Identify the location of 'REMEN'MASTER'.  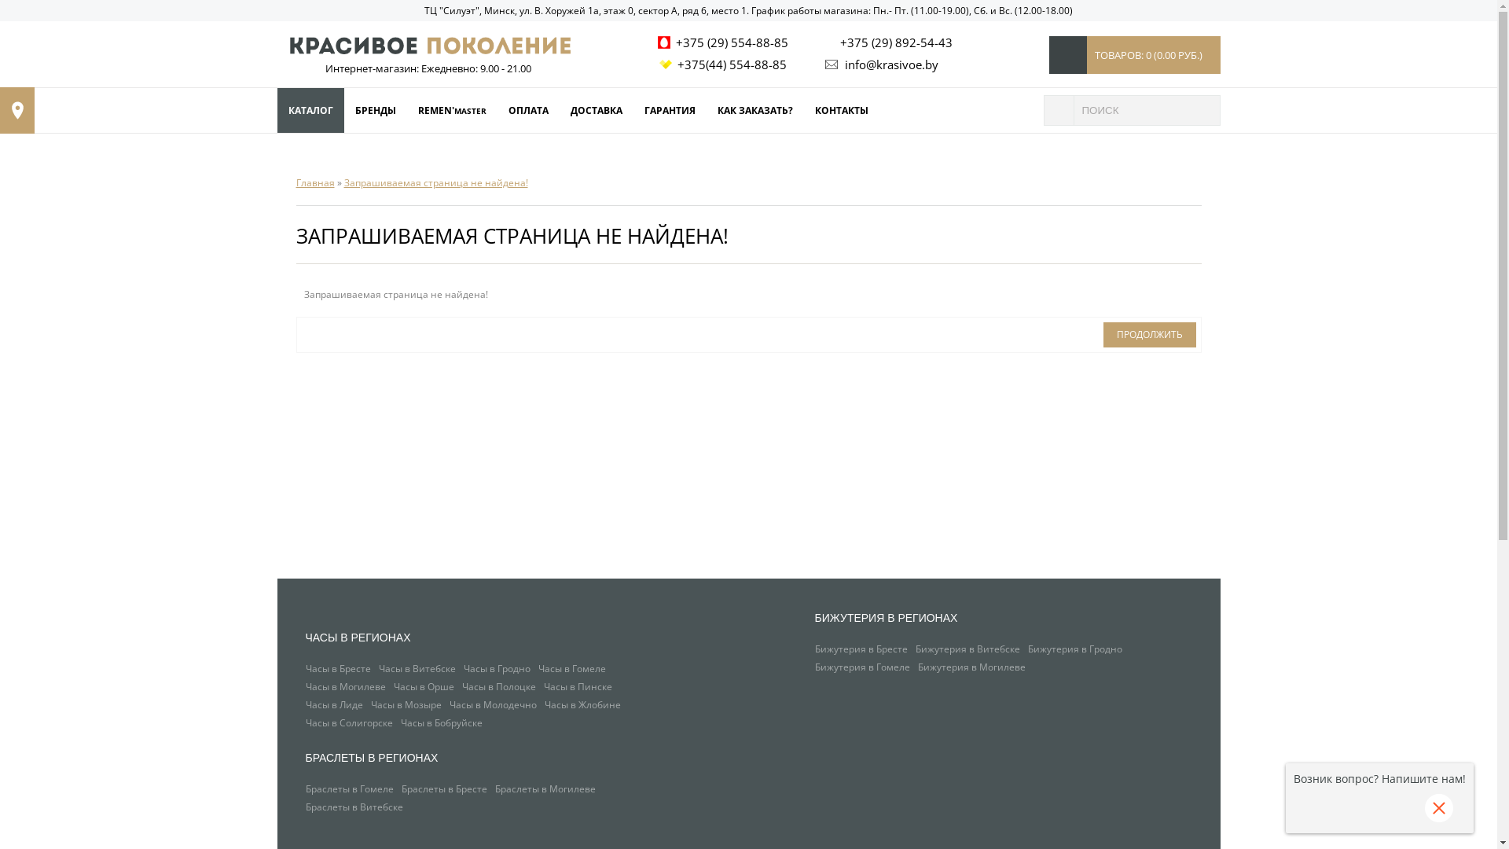
(451, 109).